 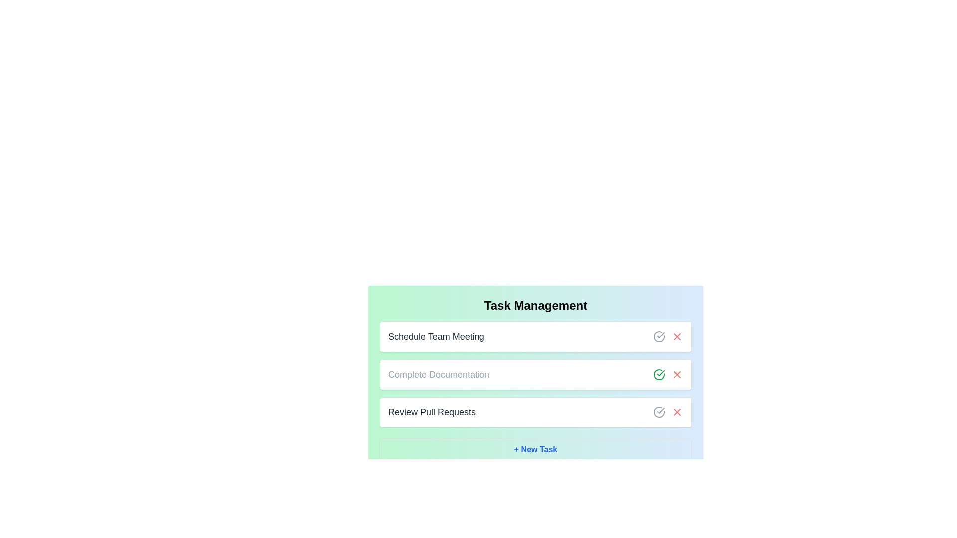 I want to click on delete button for the task 'Complete Documentation', so click(x=677, y=375).